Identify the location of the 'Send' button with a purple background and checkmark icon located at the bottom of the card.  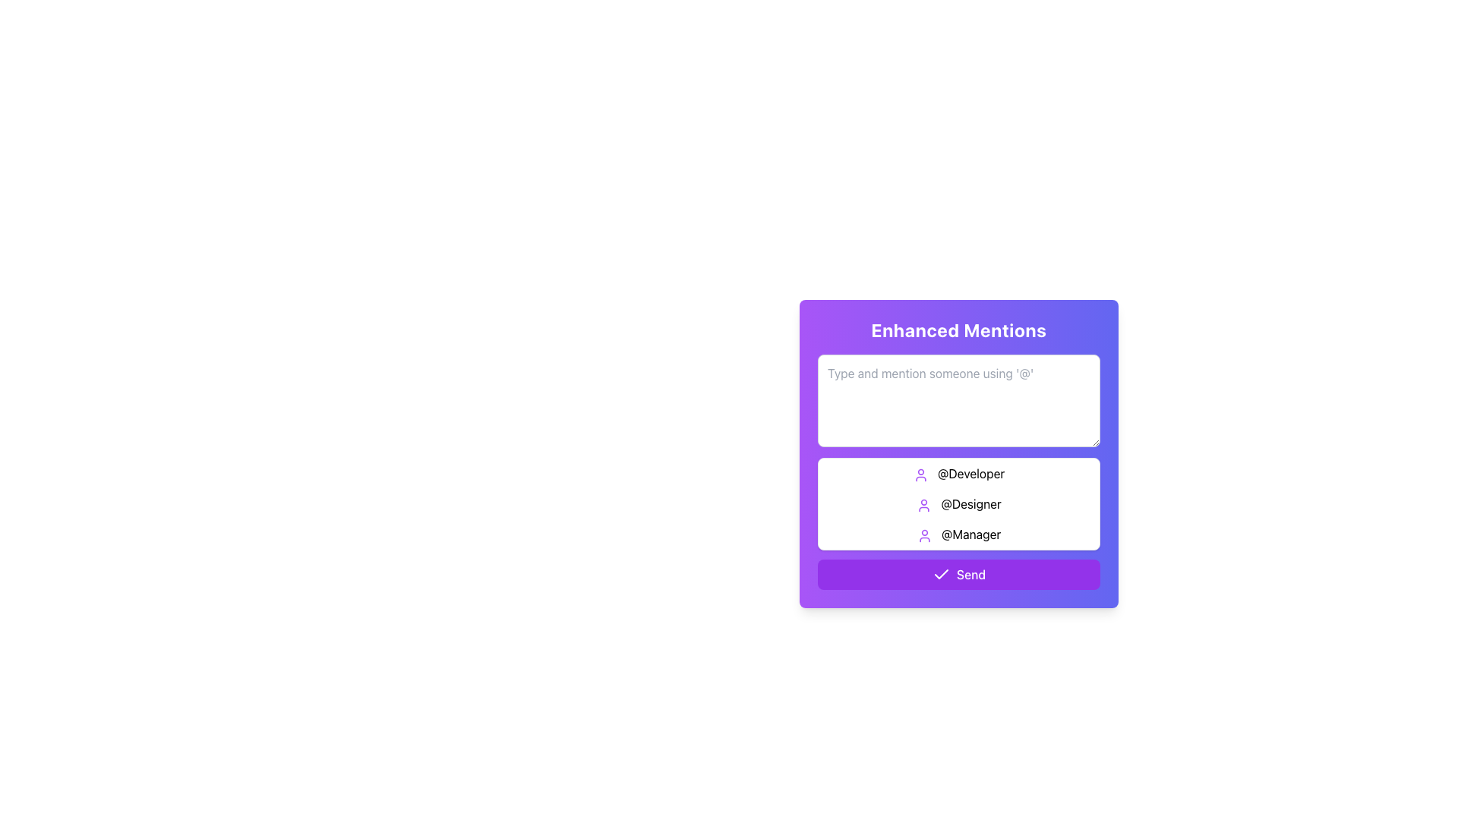
(958, 574).